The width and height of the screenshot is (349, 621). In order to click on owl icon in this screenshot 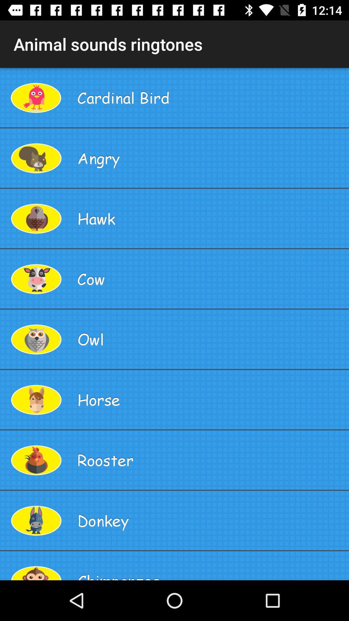, I will do `click(210, 339)`.